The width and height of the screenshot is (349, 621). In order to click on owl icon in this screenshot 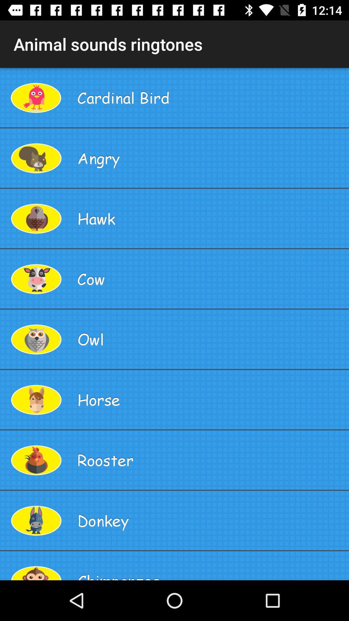, I will do `click(210, 339)`.